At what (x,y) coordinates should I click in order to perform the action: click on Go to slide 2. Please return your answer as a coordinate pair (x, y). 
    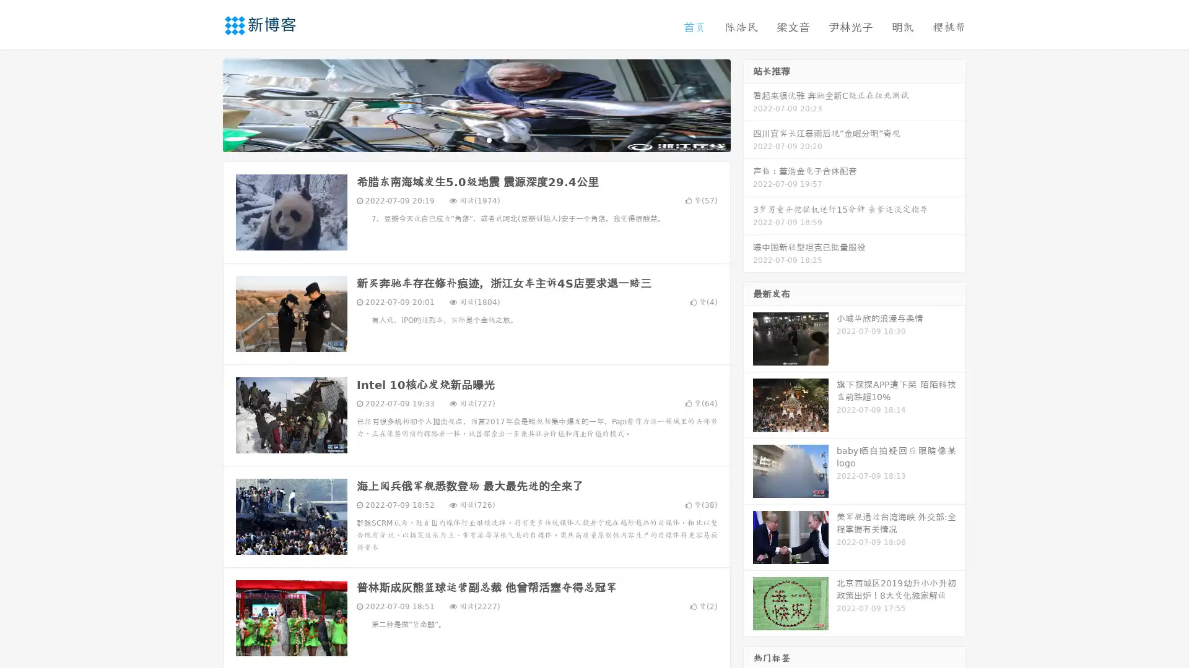
    Looking at the image, I should click on (476, 139).